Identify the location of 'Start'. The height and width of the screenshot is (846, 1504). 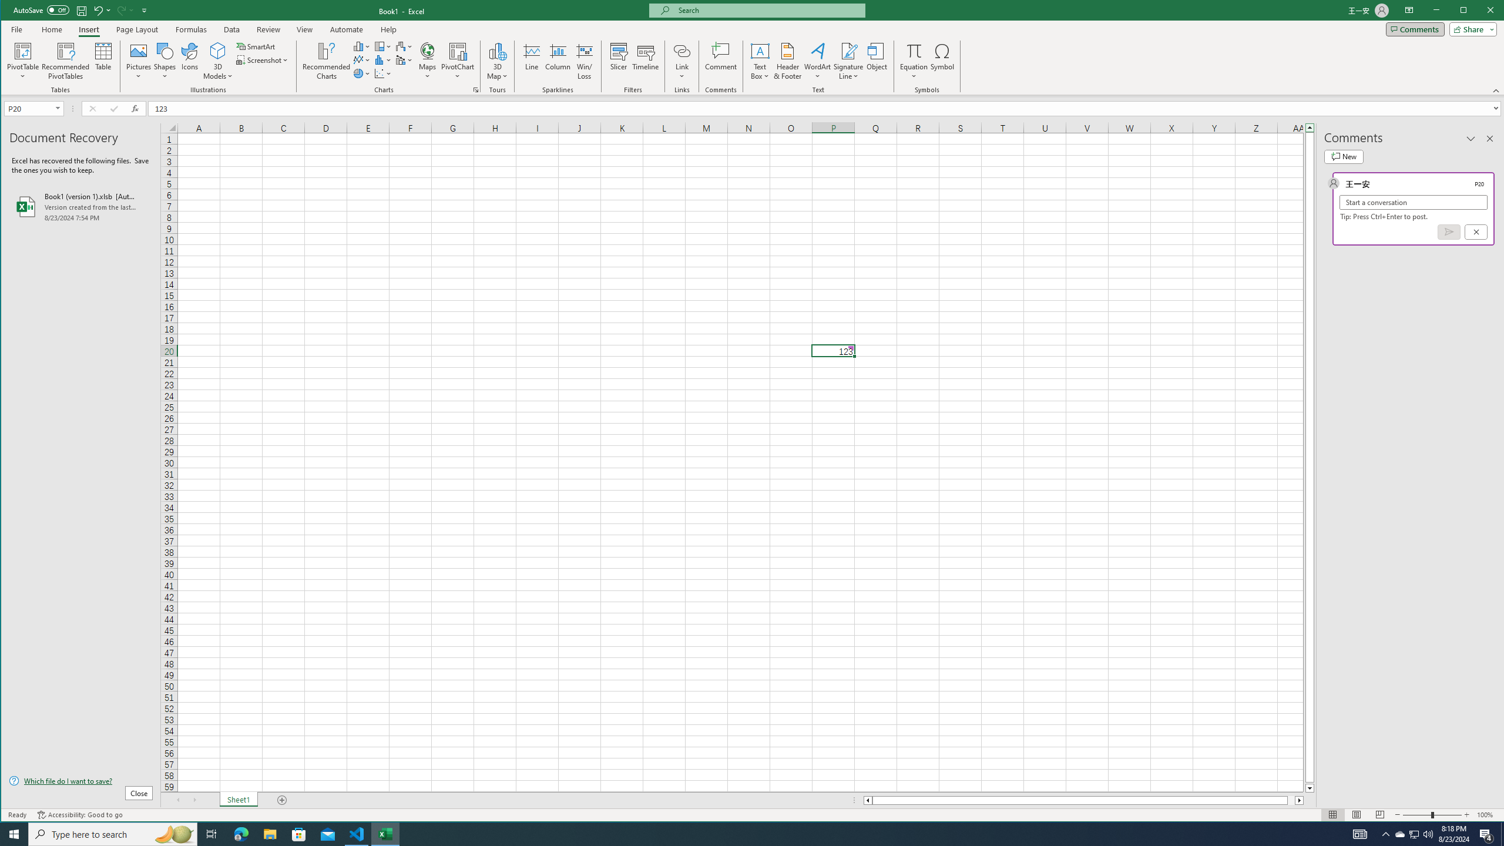
(14, 833).